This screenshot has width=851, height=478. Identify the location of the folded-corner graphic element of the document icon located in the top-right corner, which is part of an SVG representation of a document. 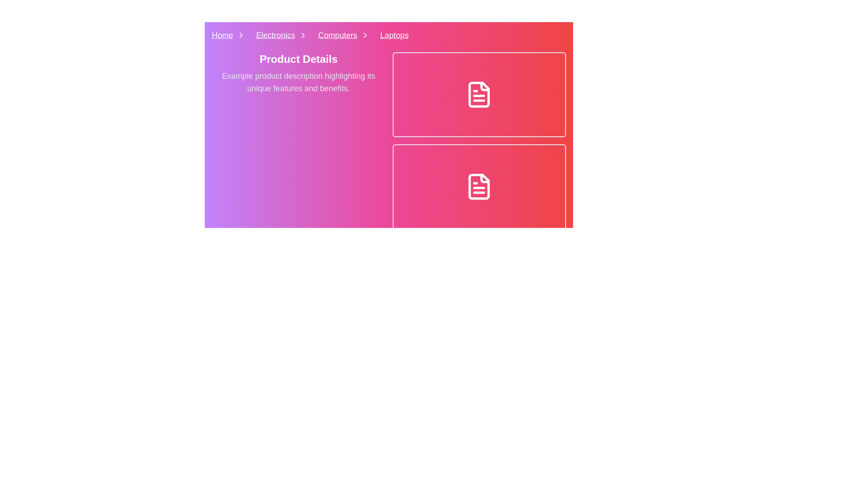
(484, 178).